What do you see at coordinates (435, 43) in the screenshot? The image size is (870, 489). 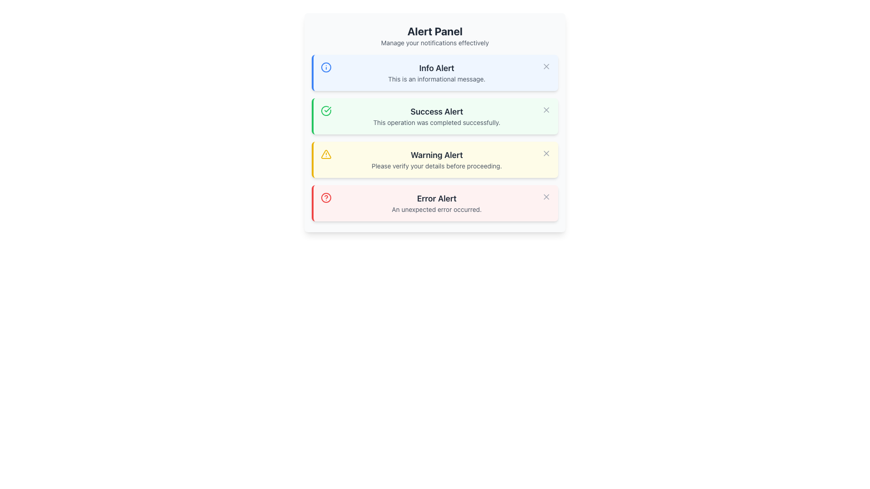 I see `the text label displaying 'Manage your notifications effectively', which is positioned below the 'Alert Panel' header` at bounding box center [435, 43].